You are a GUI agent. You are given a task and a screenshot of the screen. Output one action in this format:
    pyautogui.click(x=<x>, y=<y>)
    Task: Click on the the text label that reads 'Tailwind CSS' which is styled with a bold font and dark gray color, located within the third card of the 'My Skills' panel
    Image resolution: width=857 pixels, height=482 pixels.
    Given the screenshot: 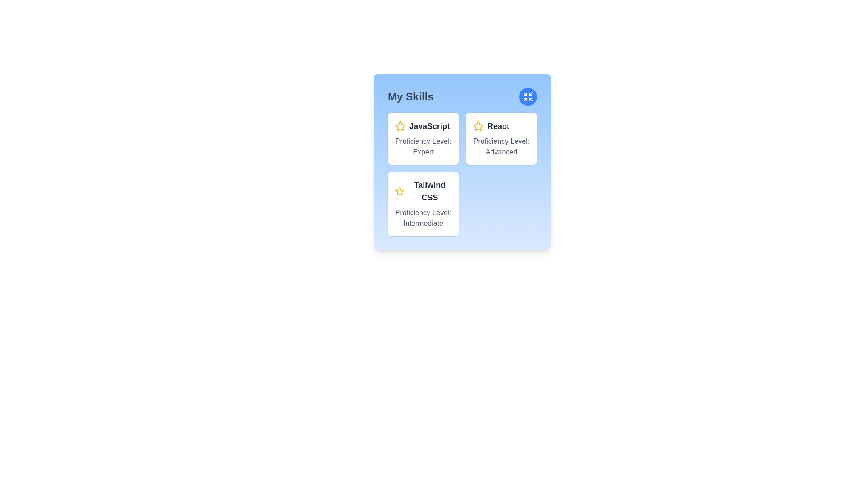 What is the action you would take?
    pyautogui.click(x=423, y=191)
    